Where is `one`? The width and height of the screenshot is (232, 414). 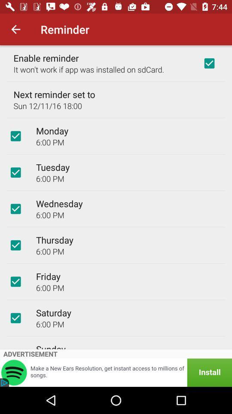 one is located at coordinates (209, 63).